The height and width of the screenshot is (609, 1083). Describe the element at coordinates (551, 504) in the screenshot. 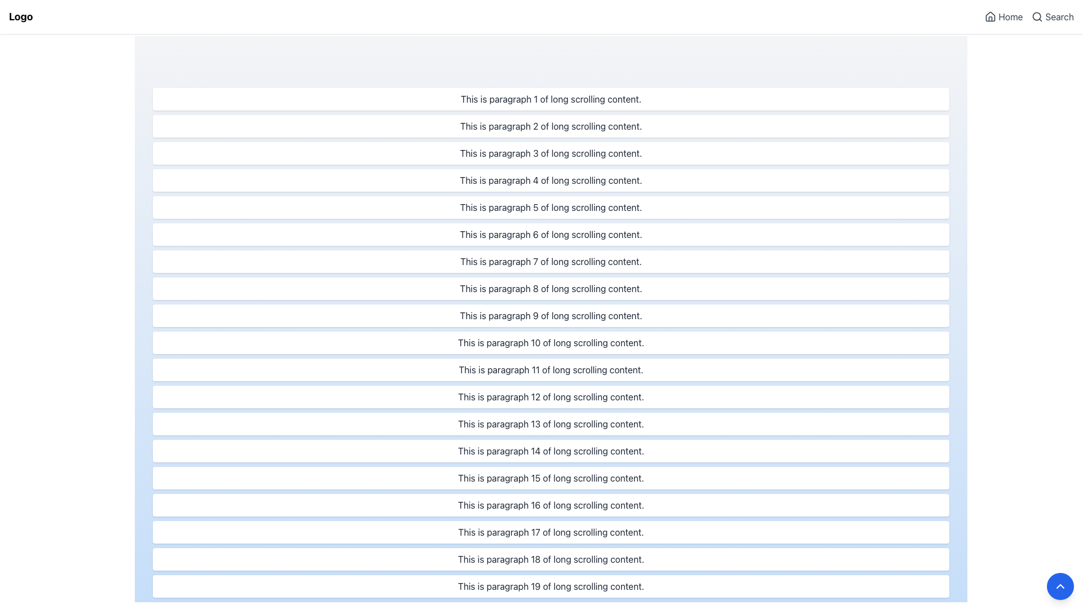

I see `the 16th paragraph in the list of text containers that presents textual information` at that location.